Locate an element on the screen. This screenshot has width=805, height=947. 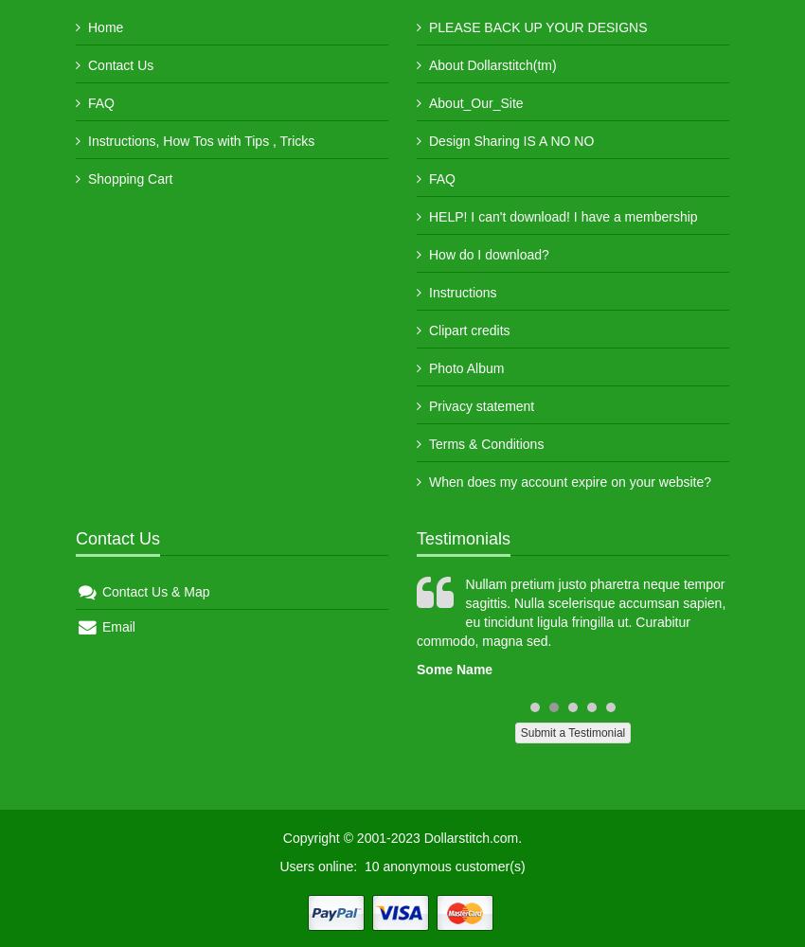
'Email' is located at coordinates (115, 627).